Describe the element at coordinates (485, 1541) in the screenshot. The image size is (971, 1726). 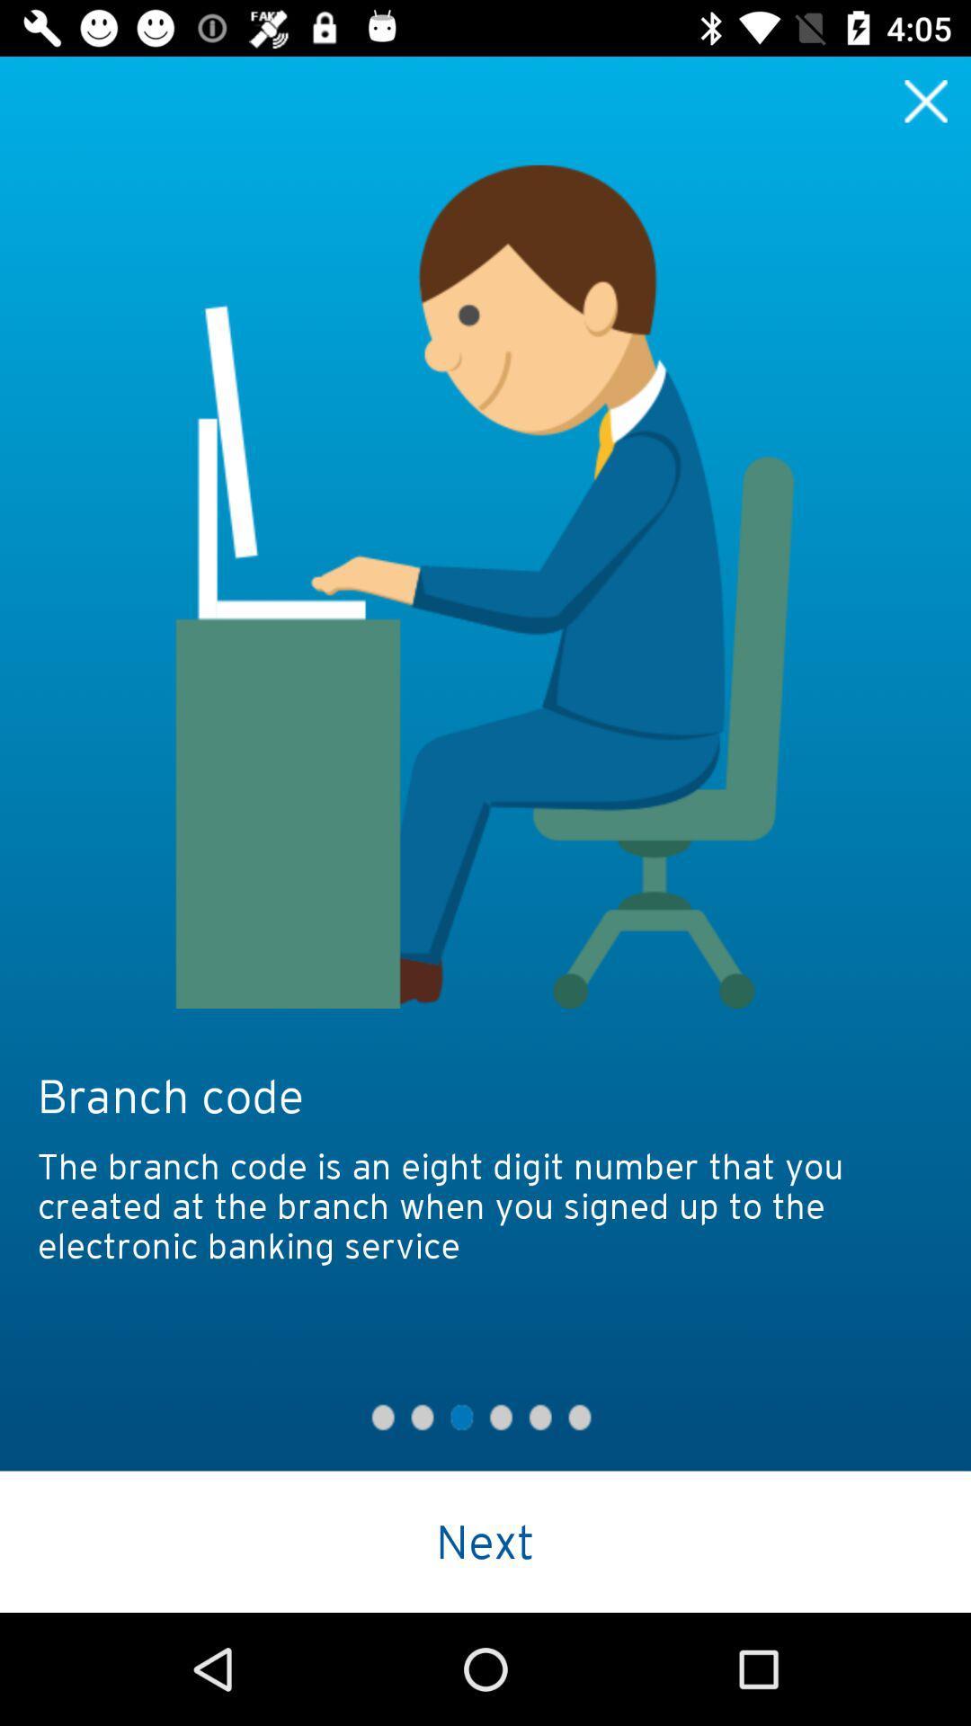
I see `next icon` at that location.